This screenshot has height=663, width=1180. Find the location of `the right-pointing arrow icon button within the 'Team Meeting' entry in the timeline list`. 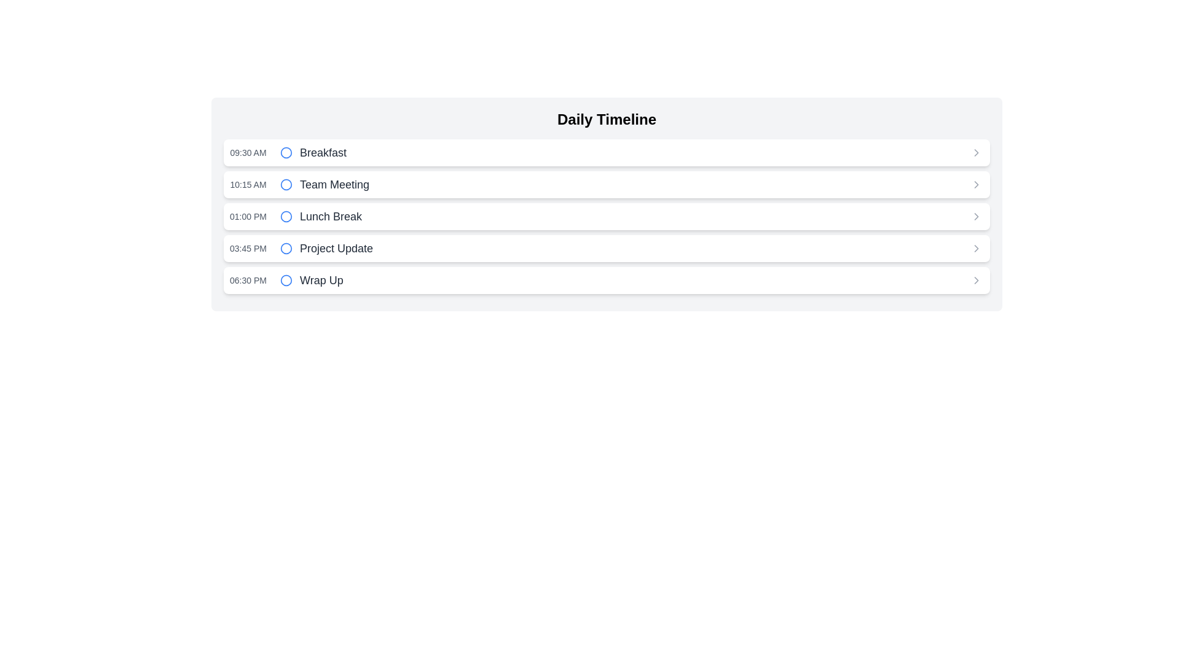

the right-pointing arrow icon button within the 'Team Meeting' entry in the timeline list is located at coordinates (975, 184).